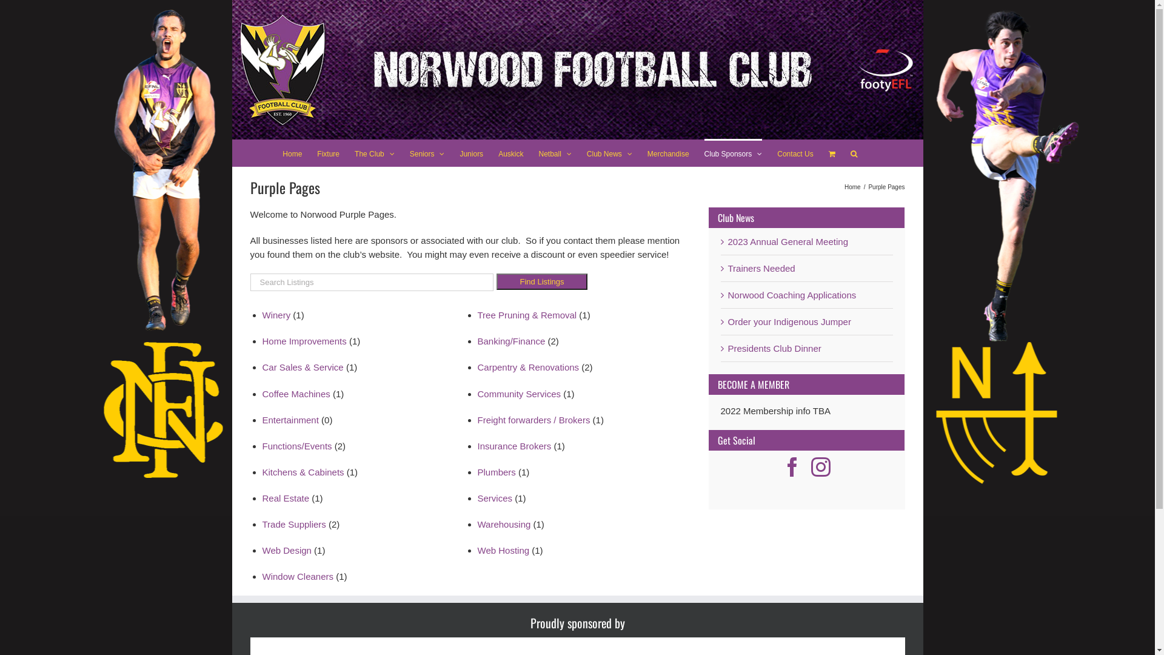 The height and width of the screenshot is (655, 1164). I want to click on 'Coffee Machines', so click(296, 394).